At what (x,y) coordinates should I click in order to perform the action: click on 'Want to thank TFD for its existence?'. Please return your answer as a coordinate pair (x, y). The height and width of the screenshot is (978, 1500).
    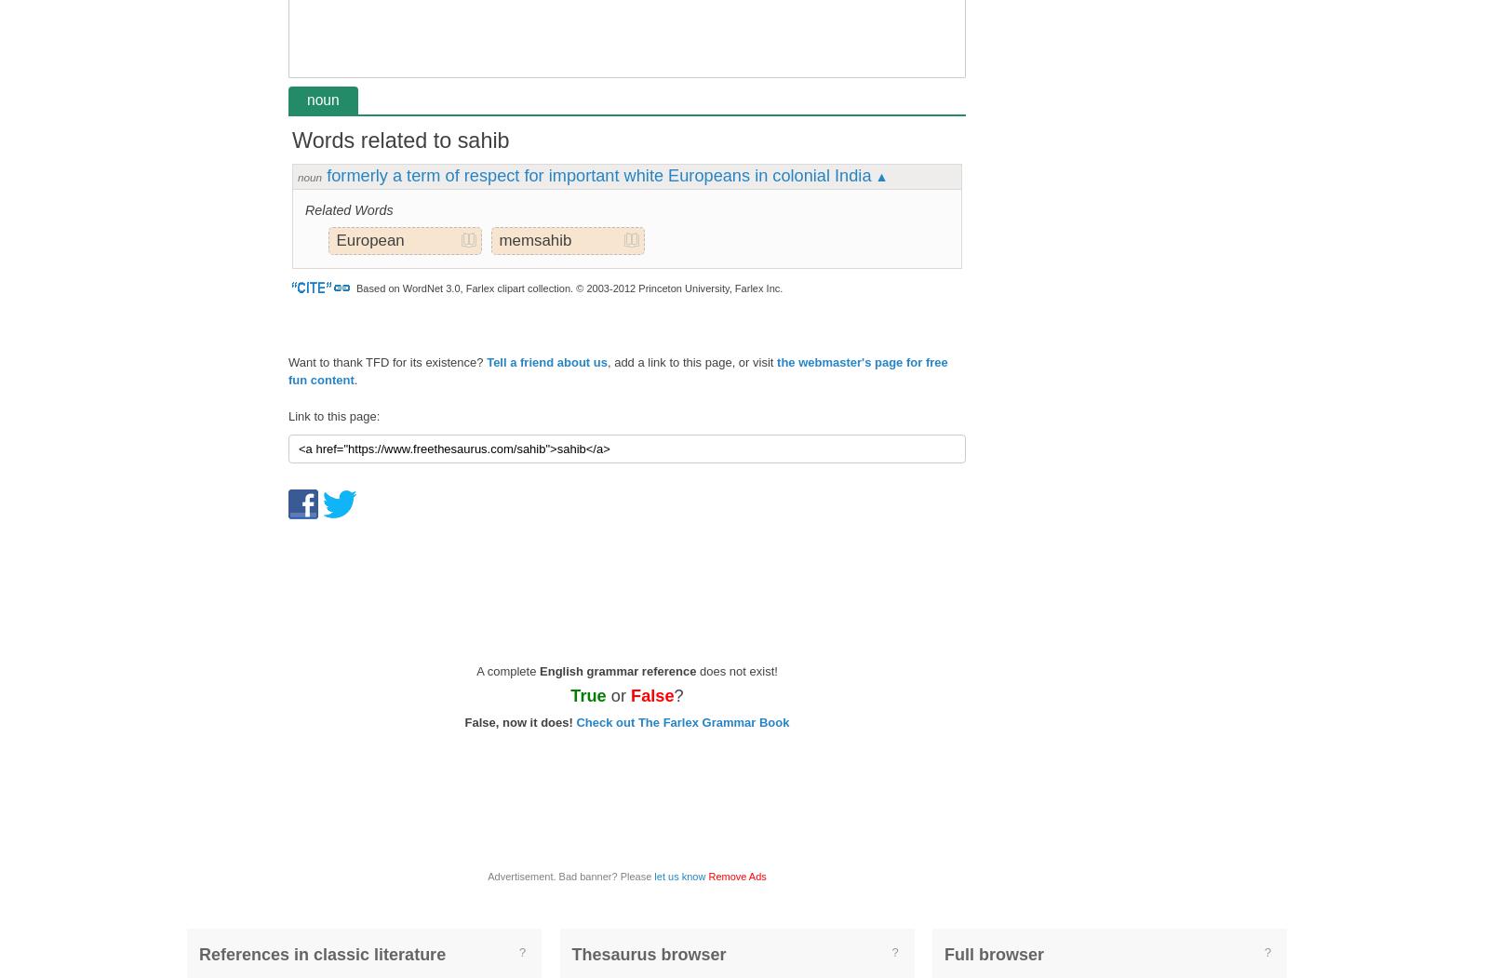
    Looking at the image, I should click on (387, 360).